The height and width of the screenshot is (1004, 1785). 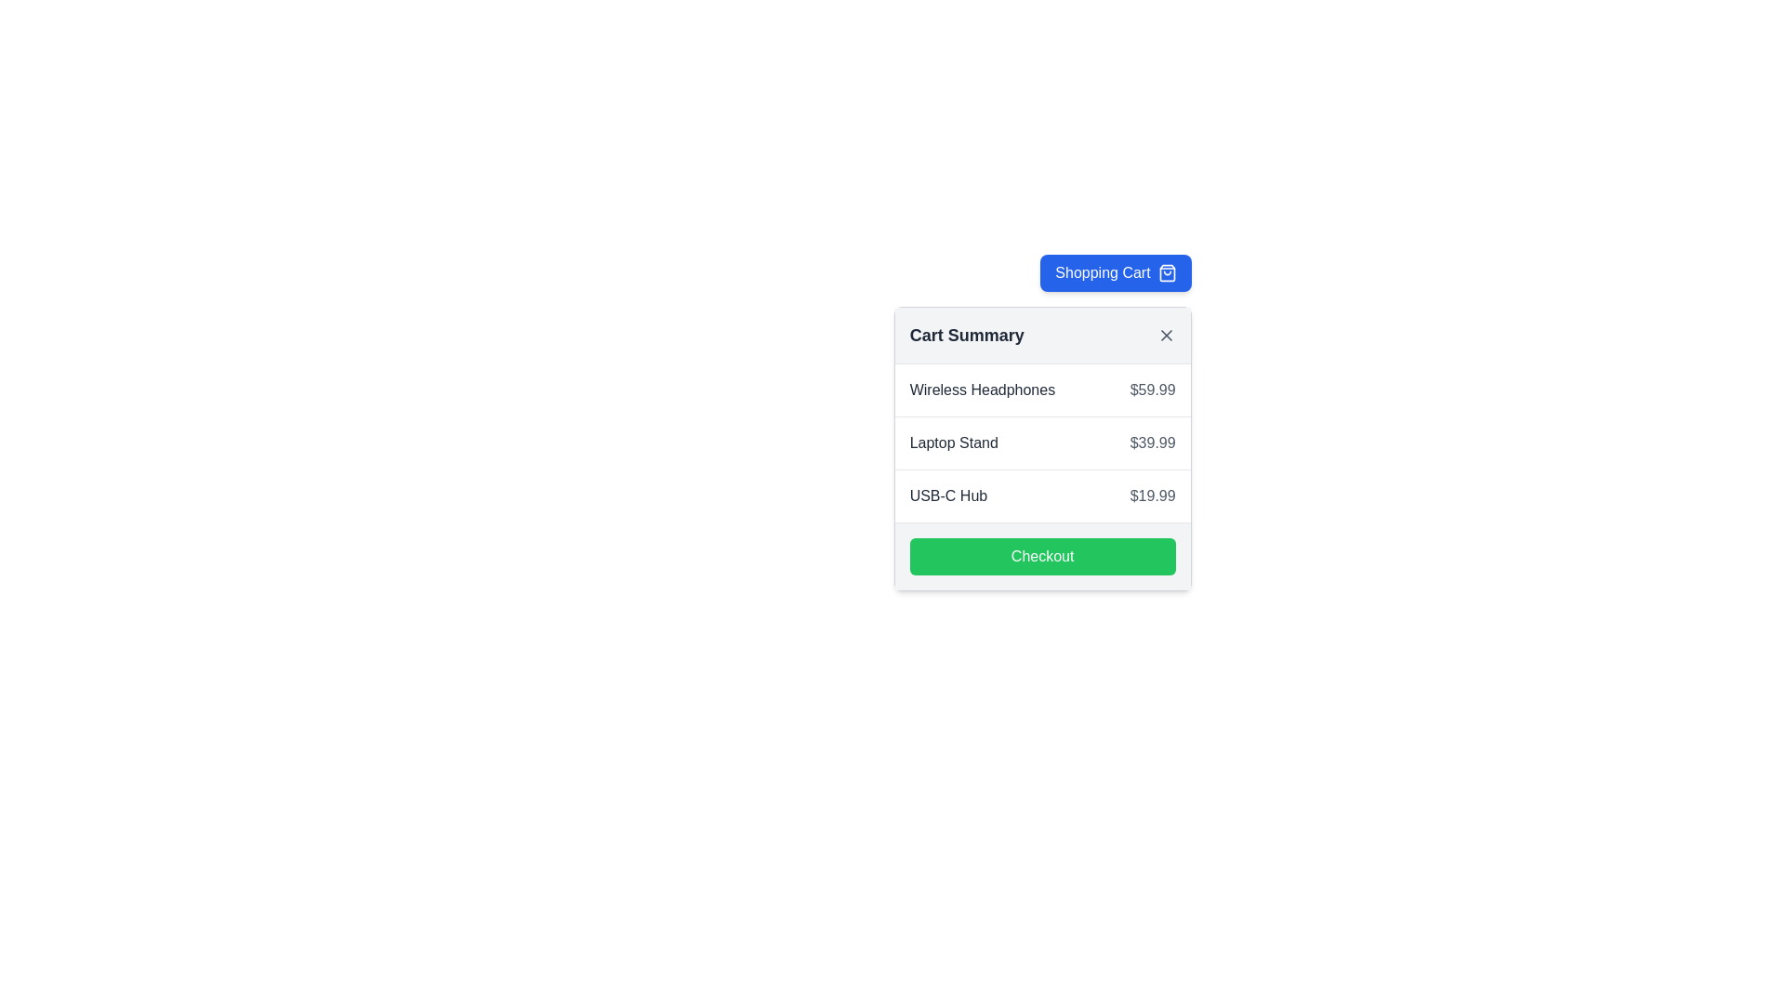 I want to click on the blue rectangular 'Shopping Cart' button with rounded corners, so click(x=1116, y=272).